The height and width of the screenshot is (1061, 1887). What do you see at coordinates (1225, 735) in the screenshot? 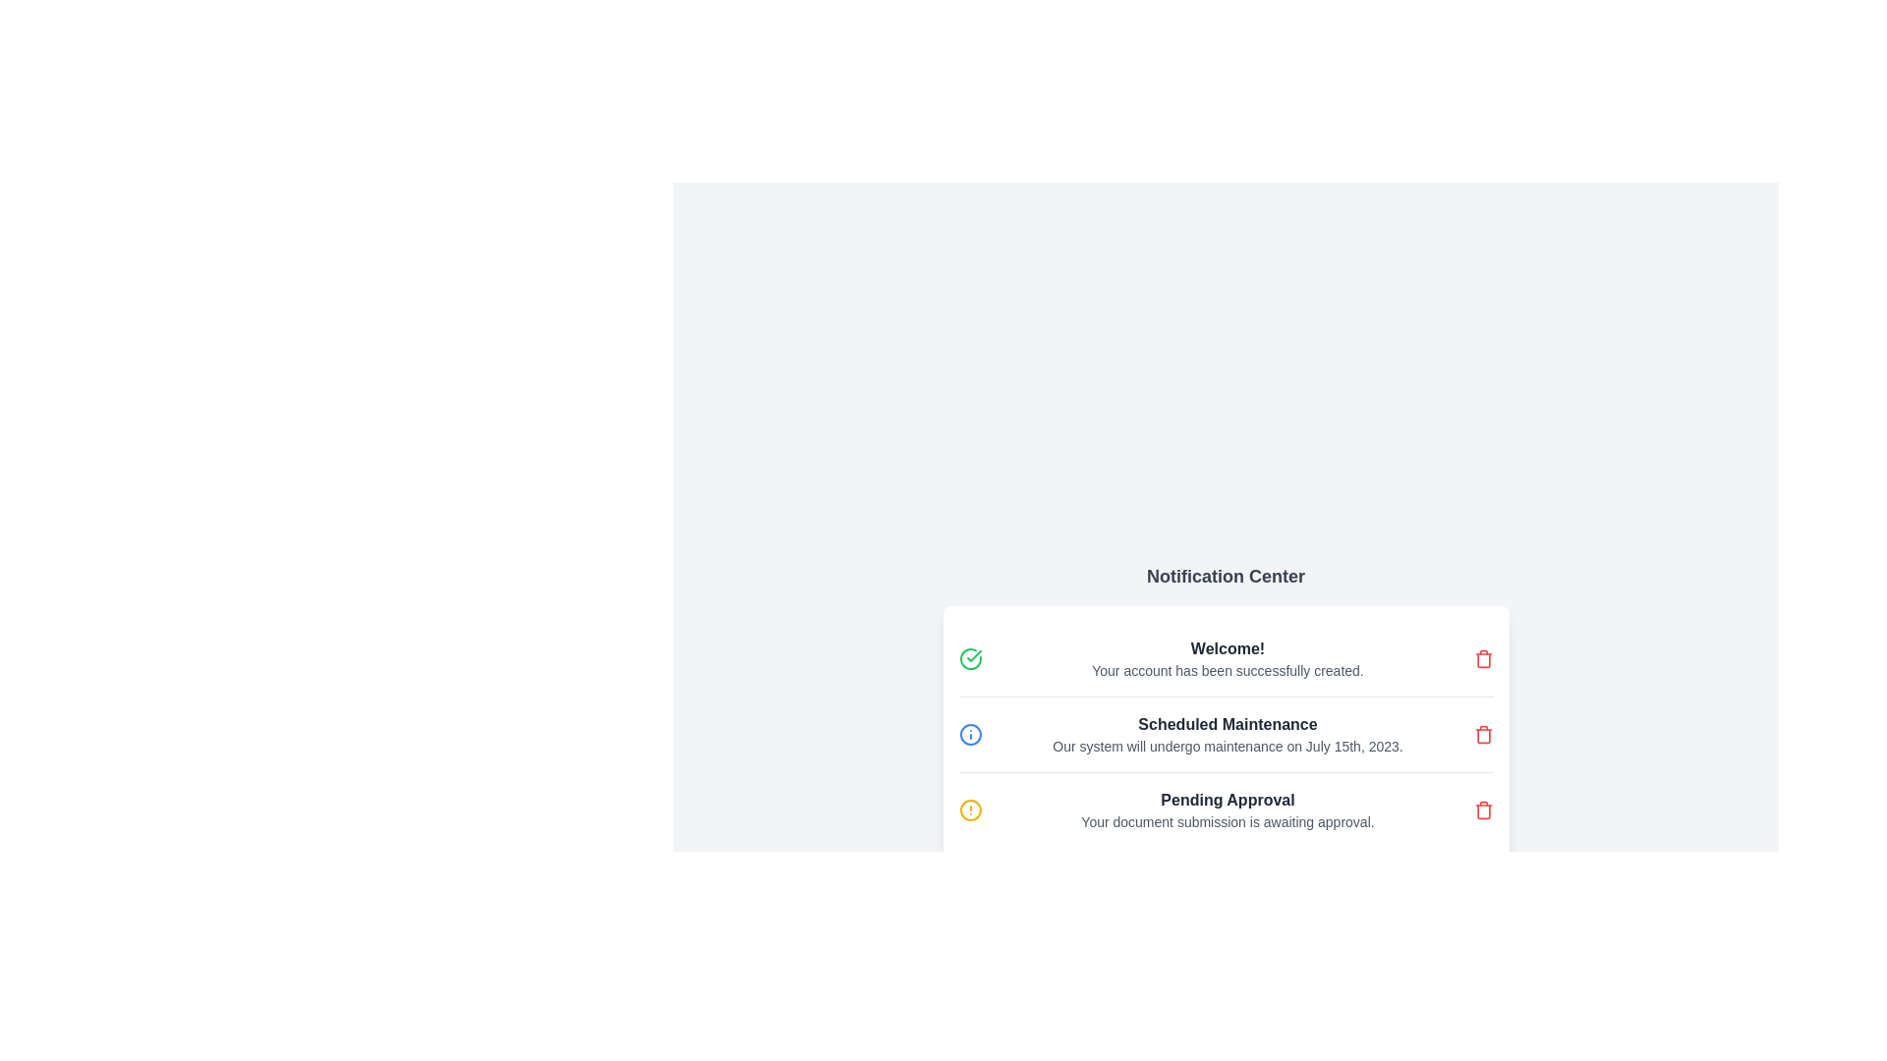
I see `text of the second Informational Notification Item regarding scheduled maintenance, positioned between 'Welcome! Your account has been successfully created.' and 'Pending Approval'` at bounding box center [1225, 735].